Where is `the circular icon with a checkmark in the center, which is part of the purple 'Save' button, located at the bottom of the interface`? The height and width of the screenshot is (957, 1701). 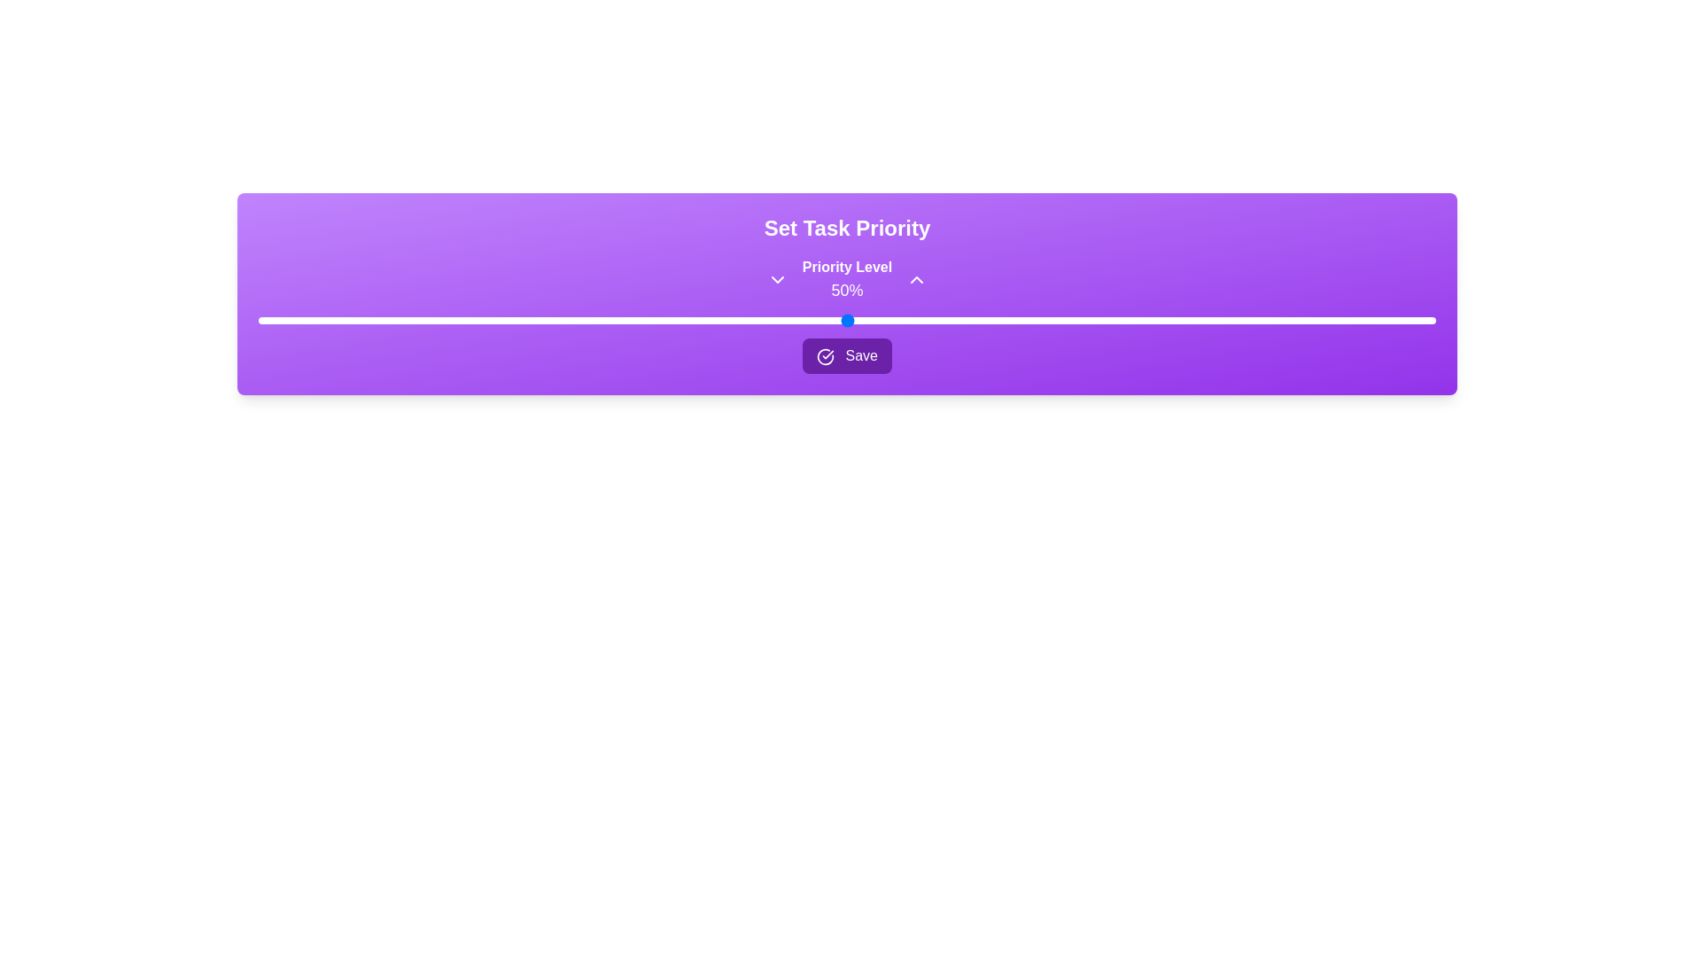
the circular icon with a checkmark in the center, which is part of the purple 'Save' button, located at the bottom of the interface is located at coordinates (824, 356).